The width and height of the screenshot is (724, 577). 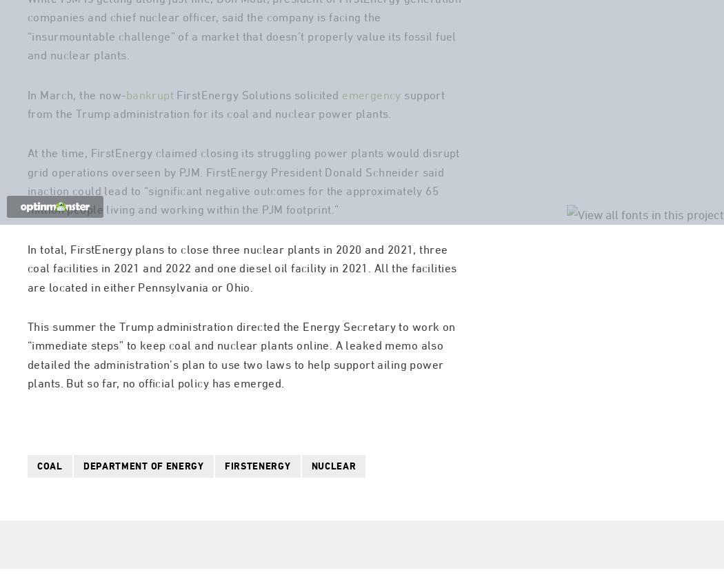 I want to click on 'FirstEnergy Solutions solicited', so click(x=257, y=150).